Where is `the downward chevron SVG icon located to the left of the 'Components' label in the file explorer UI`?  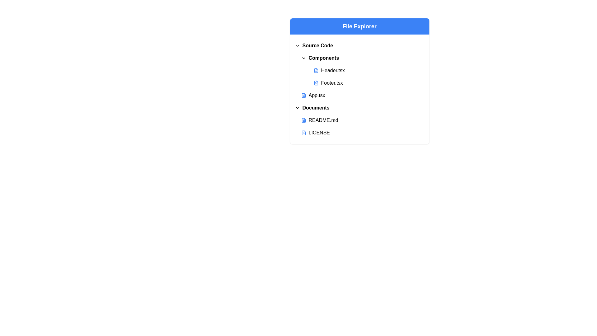
the downward chevron SVG icon located to the left of the 'Components' label in the file explorer UI is located at coordinates (303, 58).